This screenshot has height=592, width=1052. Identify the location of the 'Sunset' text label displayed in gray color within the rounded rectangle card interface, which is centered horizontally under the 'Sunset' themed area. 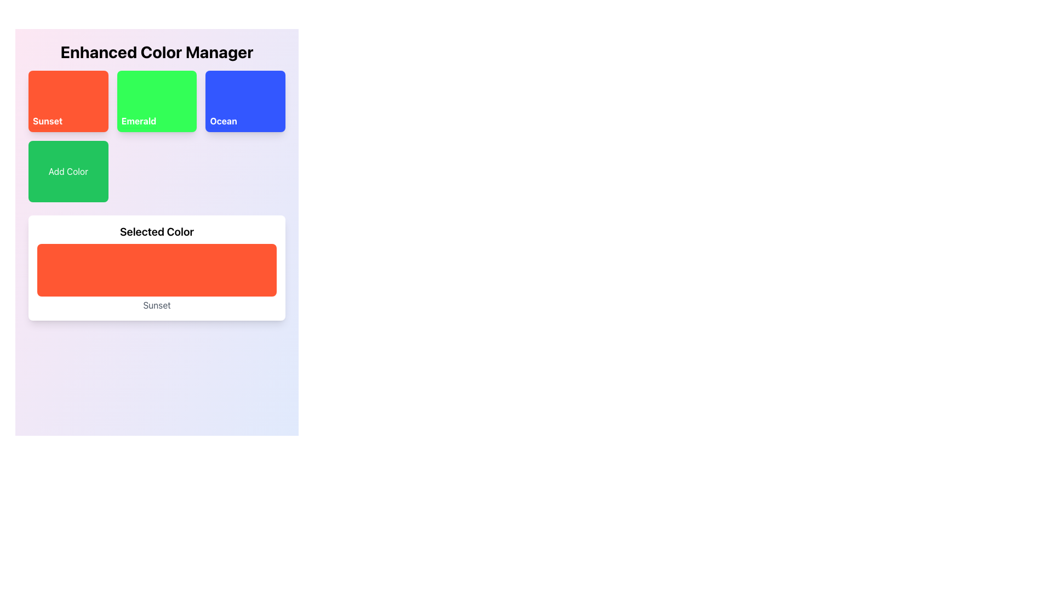
(156, 305).